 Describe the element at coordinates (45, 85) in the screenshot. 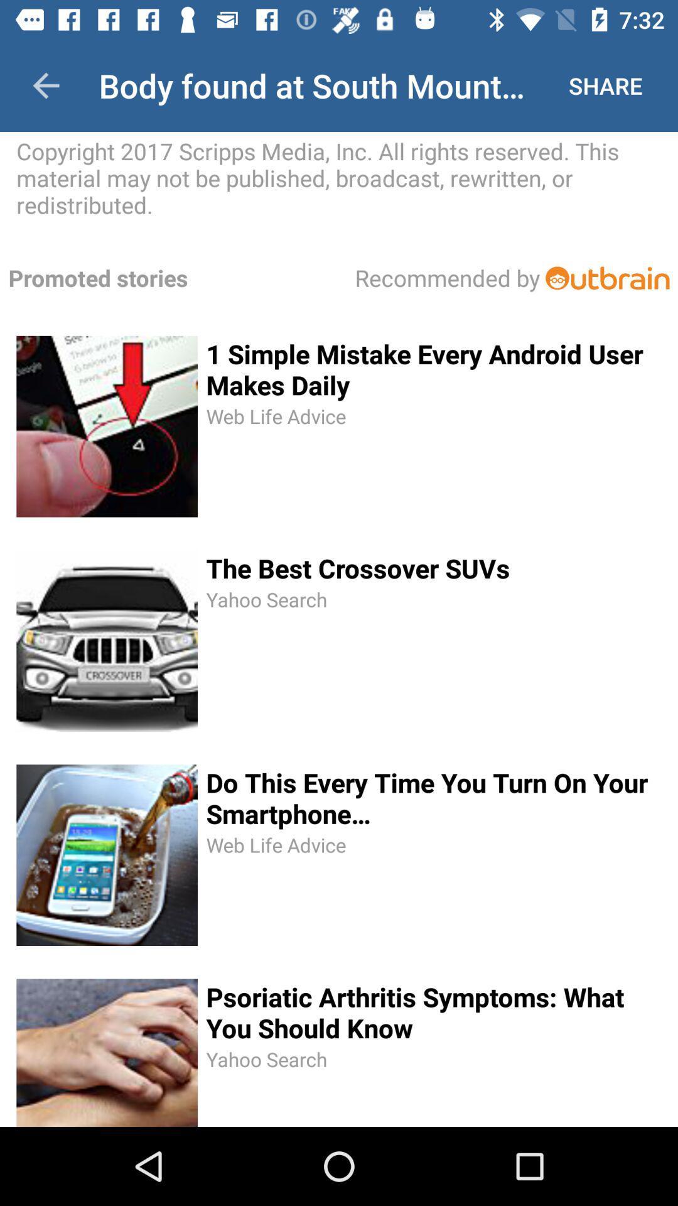

I see `icon to the left of body found at icon` at that location.